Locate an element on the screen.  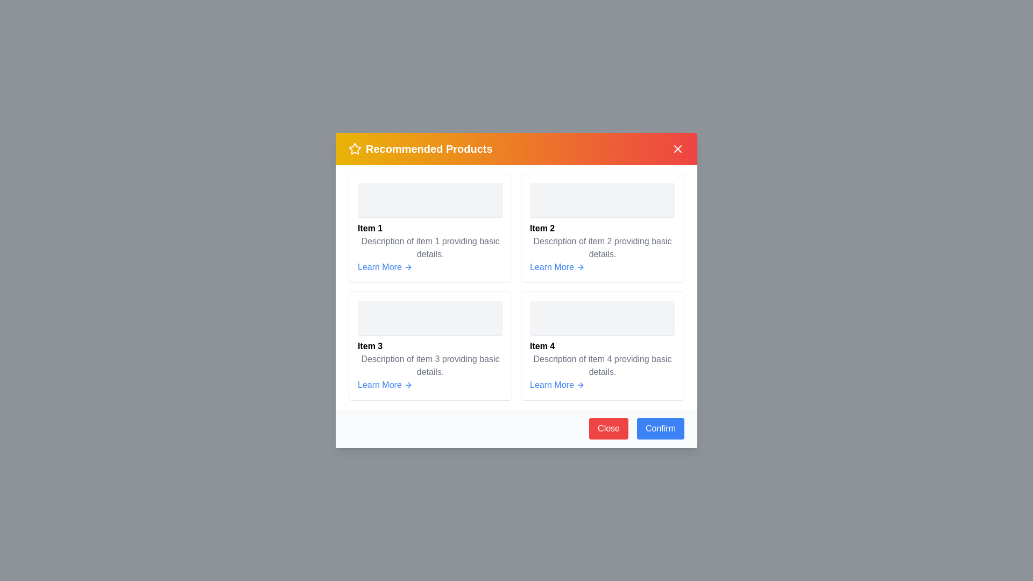
the 'Close' button located in the footer of the dialog to close it is located at coordinates (609, 428).